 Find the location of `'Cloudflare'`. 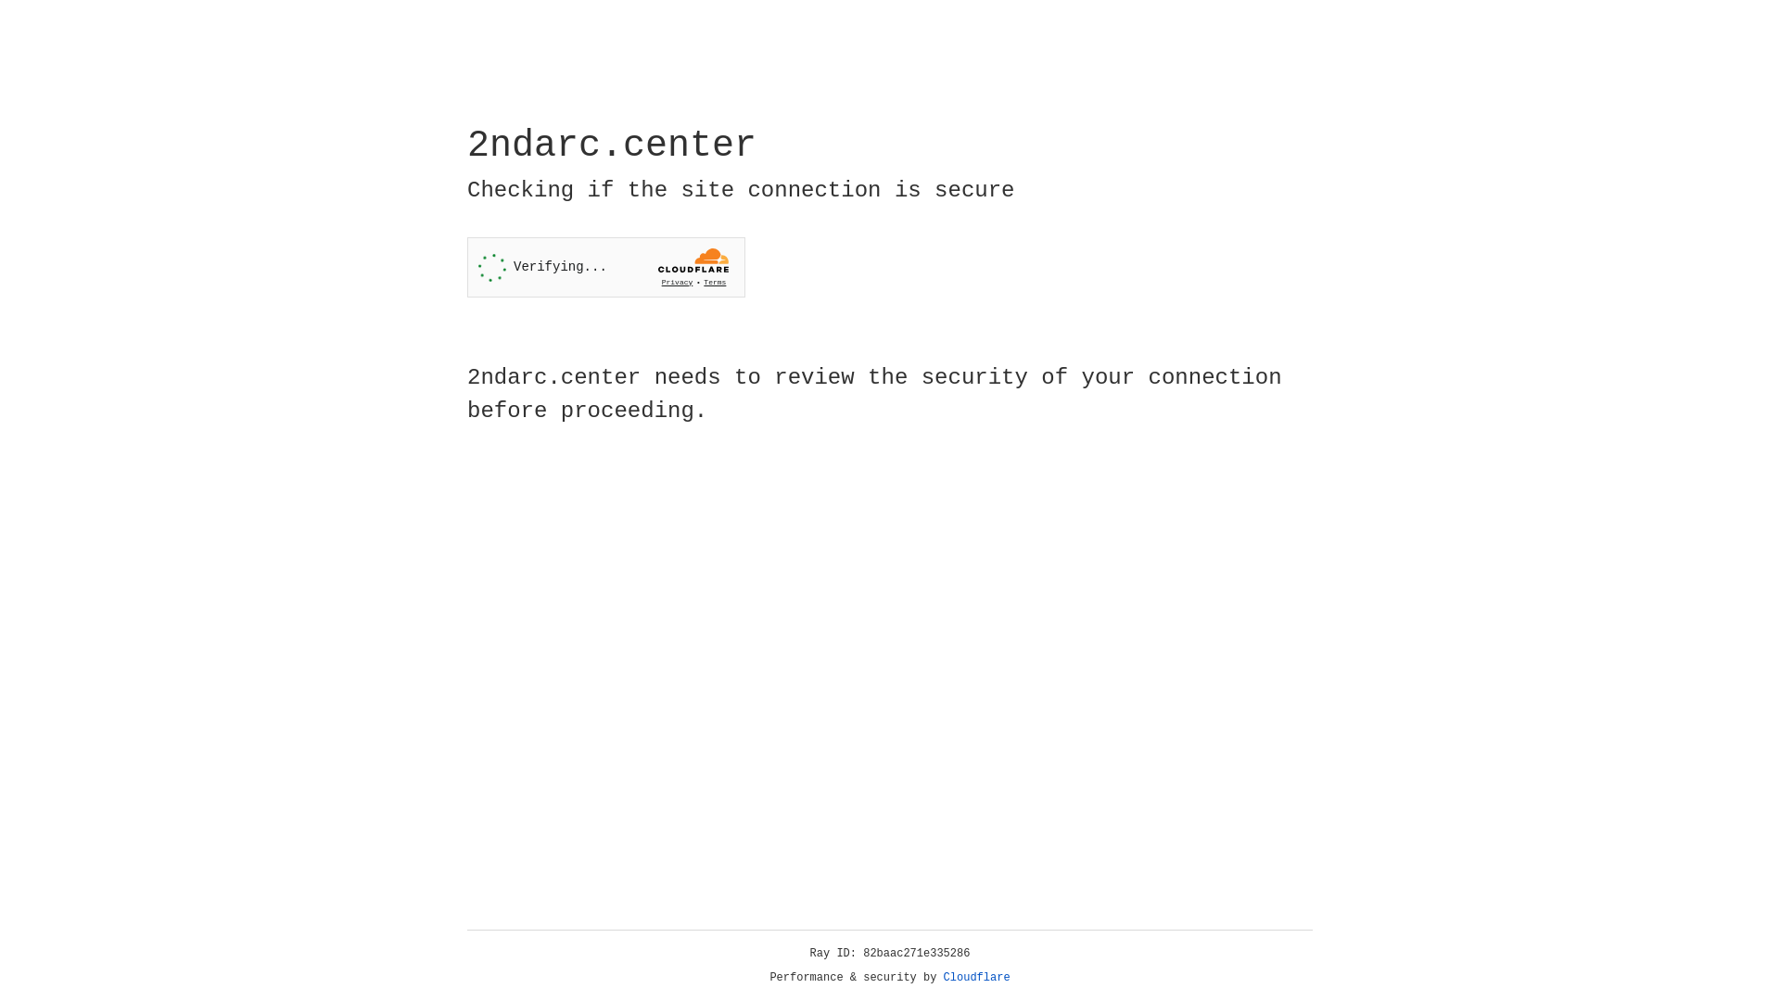

'Cloudflare' is located at coordinates (976, 977).